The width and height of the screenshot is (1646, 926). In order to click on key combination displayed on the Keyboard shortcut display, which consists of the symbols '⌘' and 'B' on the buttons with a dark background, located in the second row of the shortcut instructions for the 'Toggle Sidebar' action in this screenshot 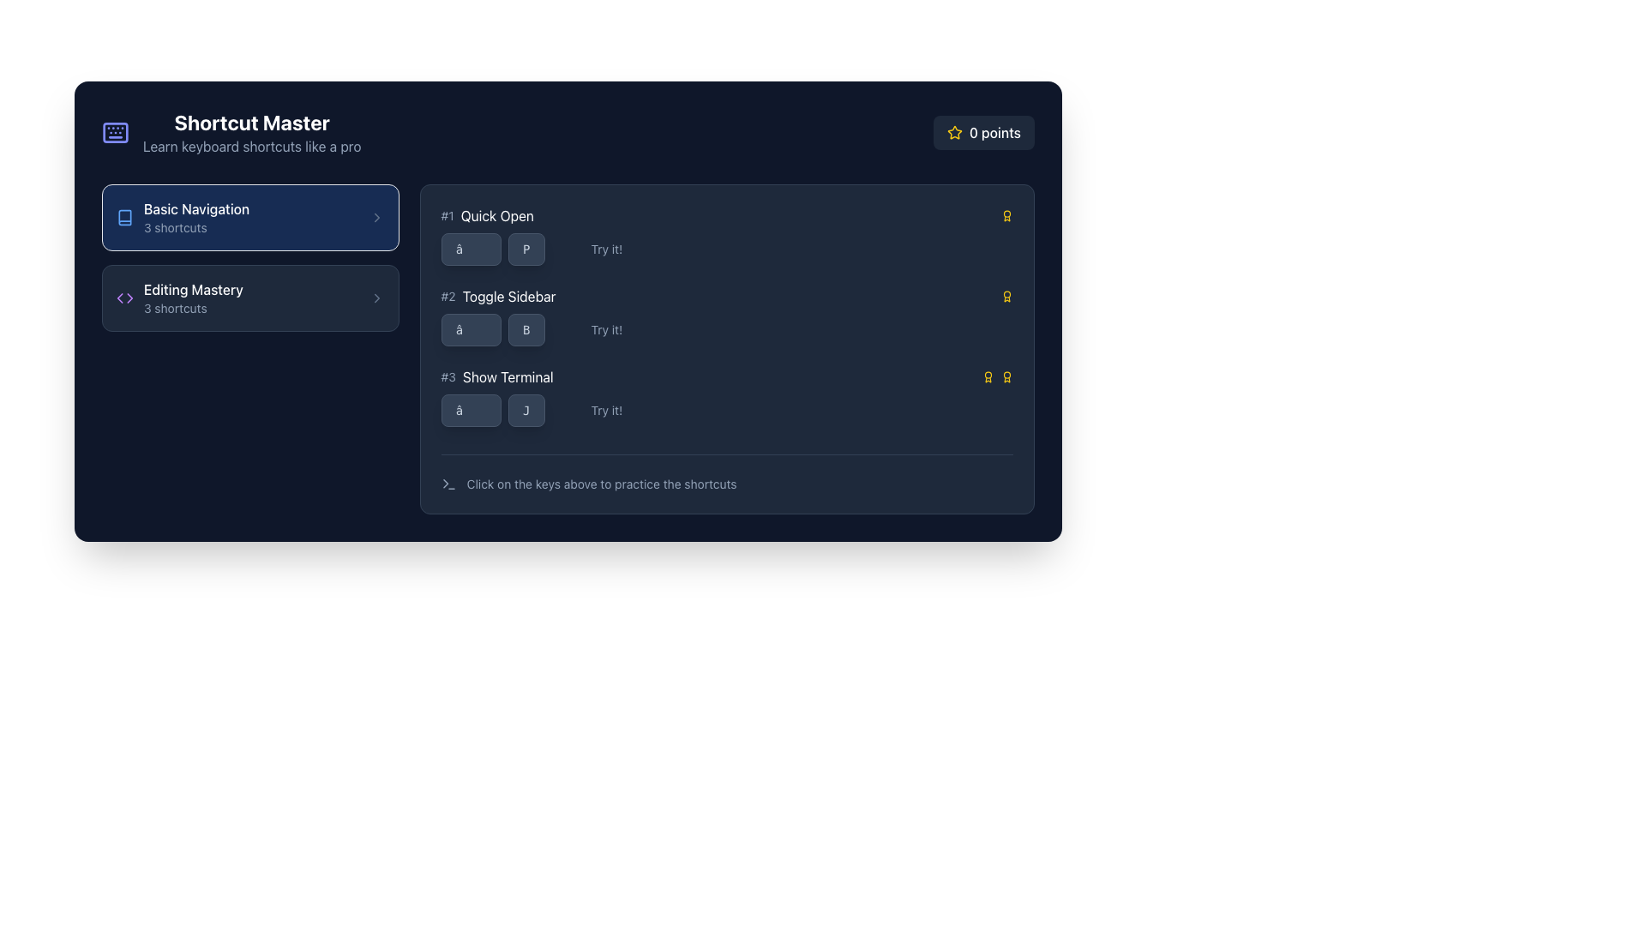, I will do `click(492, 330)`.